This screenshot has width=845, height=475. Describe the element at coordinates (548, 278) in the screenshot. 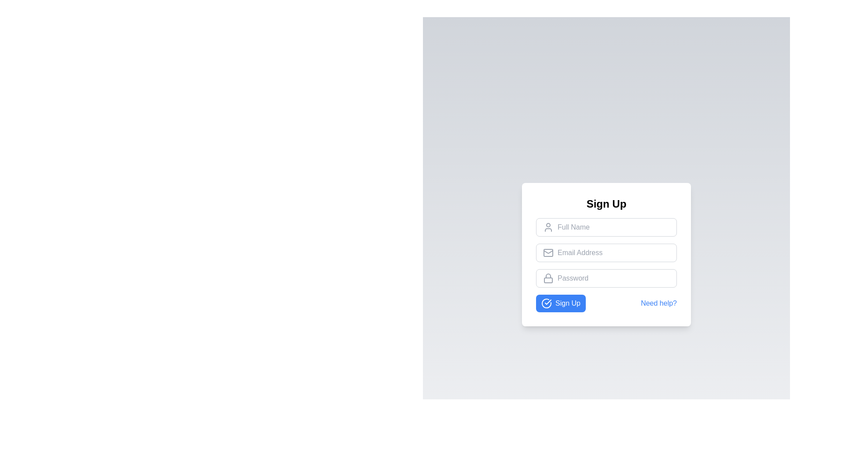

I see `the lock icon element located inside the password input field, adjacent to the placeholder text 'Password'` at that location.